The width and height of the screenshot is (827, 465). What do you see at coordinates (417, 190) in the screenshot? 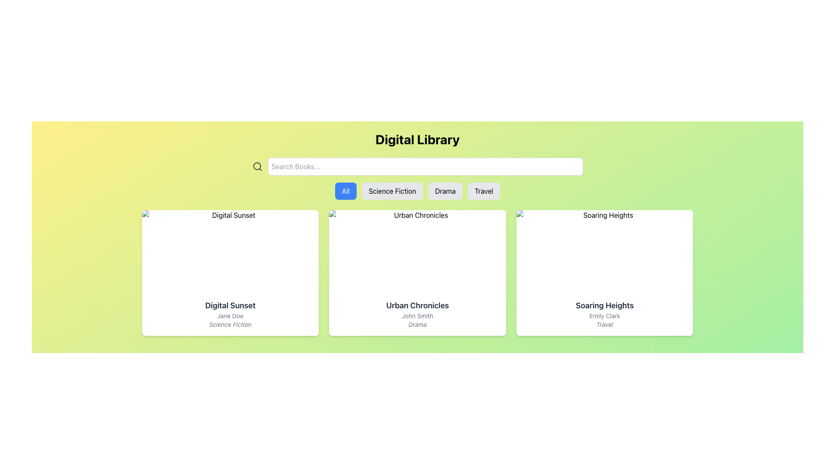
I see `the 'Science Fiction' tab in the Category Navigation Tabs located below the search bar in the Digital Library interface` at bounding box center [417, 190].